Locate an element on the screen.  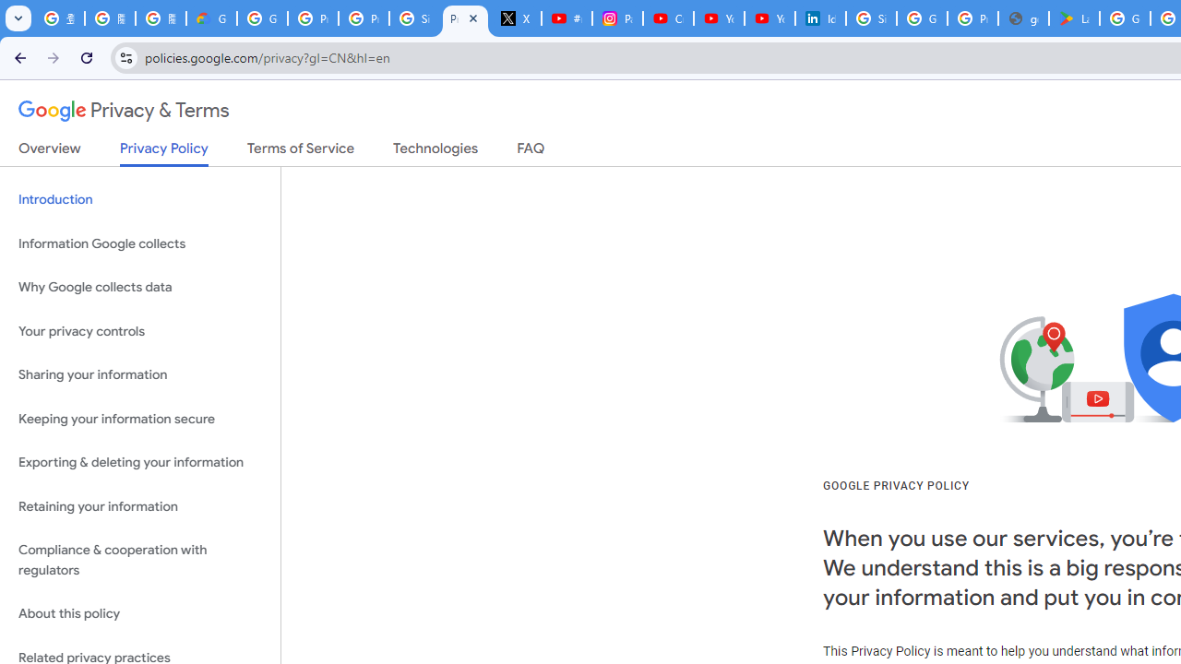
'Sign in - Google Accounts' is located at coordinates (413, 18).